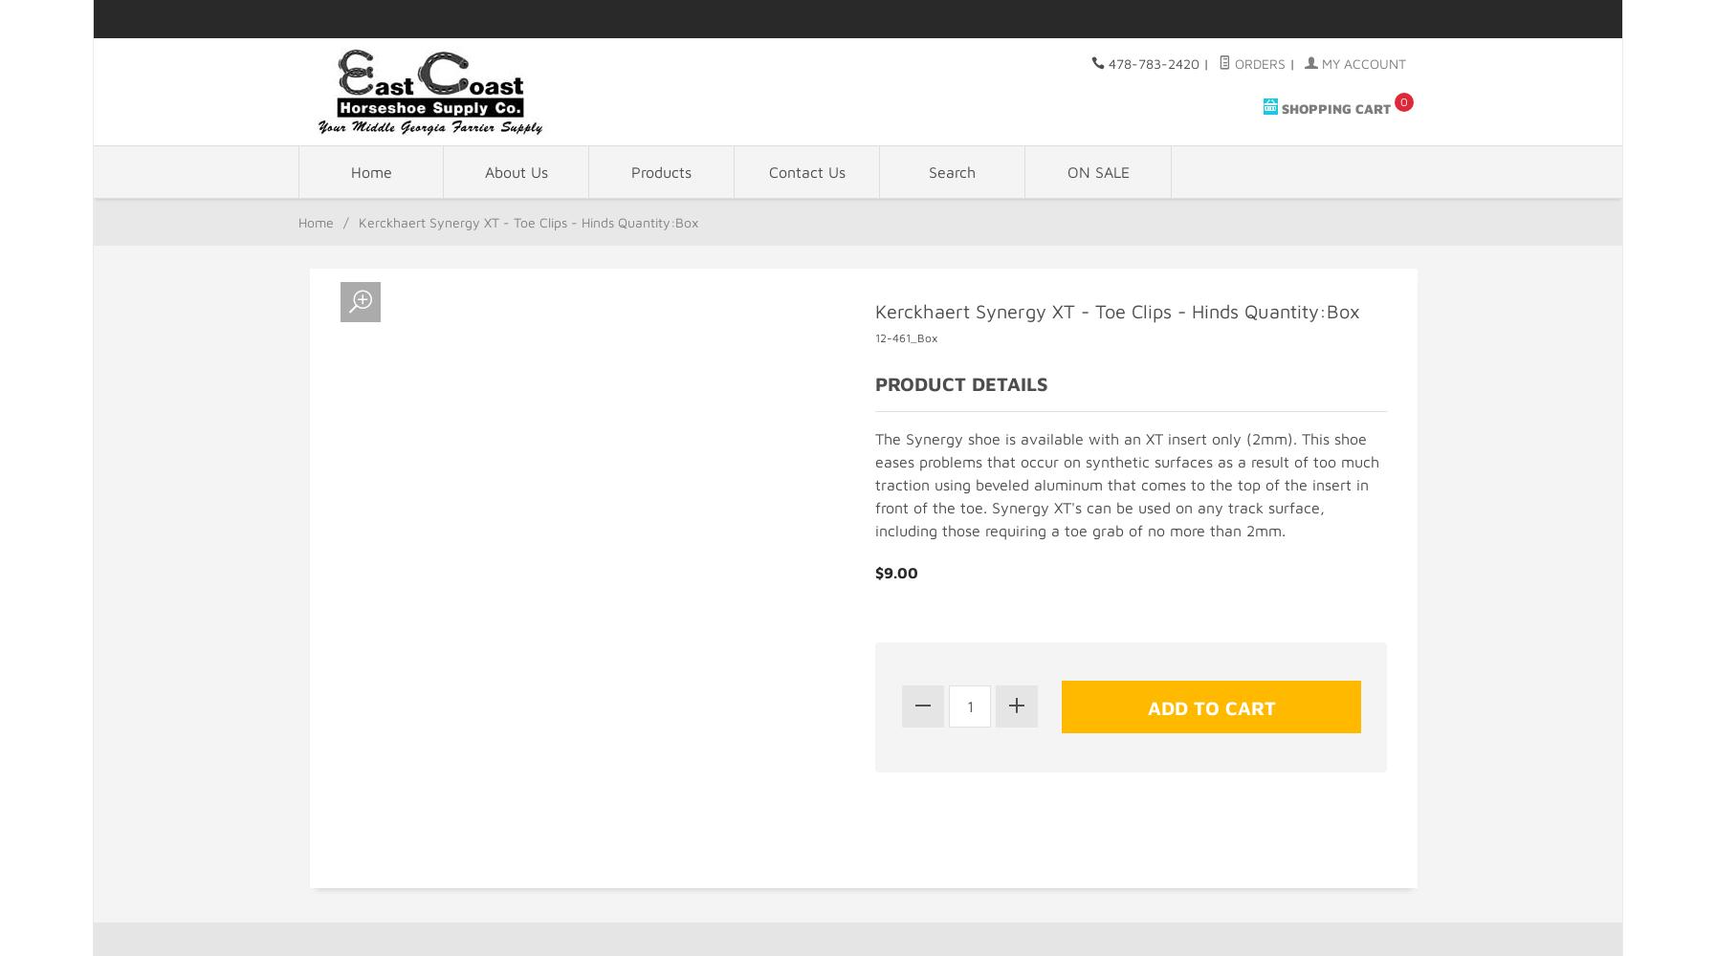 This screenshot has height=956, width=1716. Describe the element at coordinates (345, 221) in the screenshot. I see `'/'` at that location.